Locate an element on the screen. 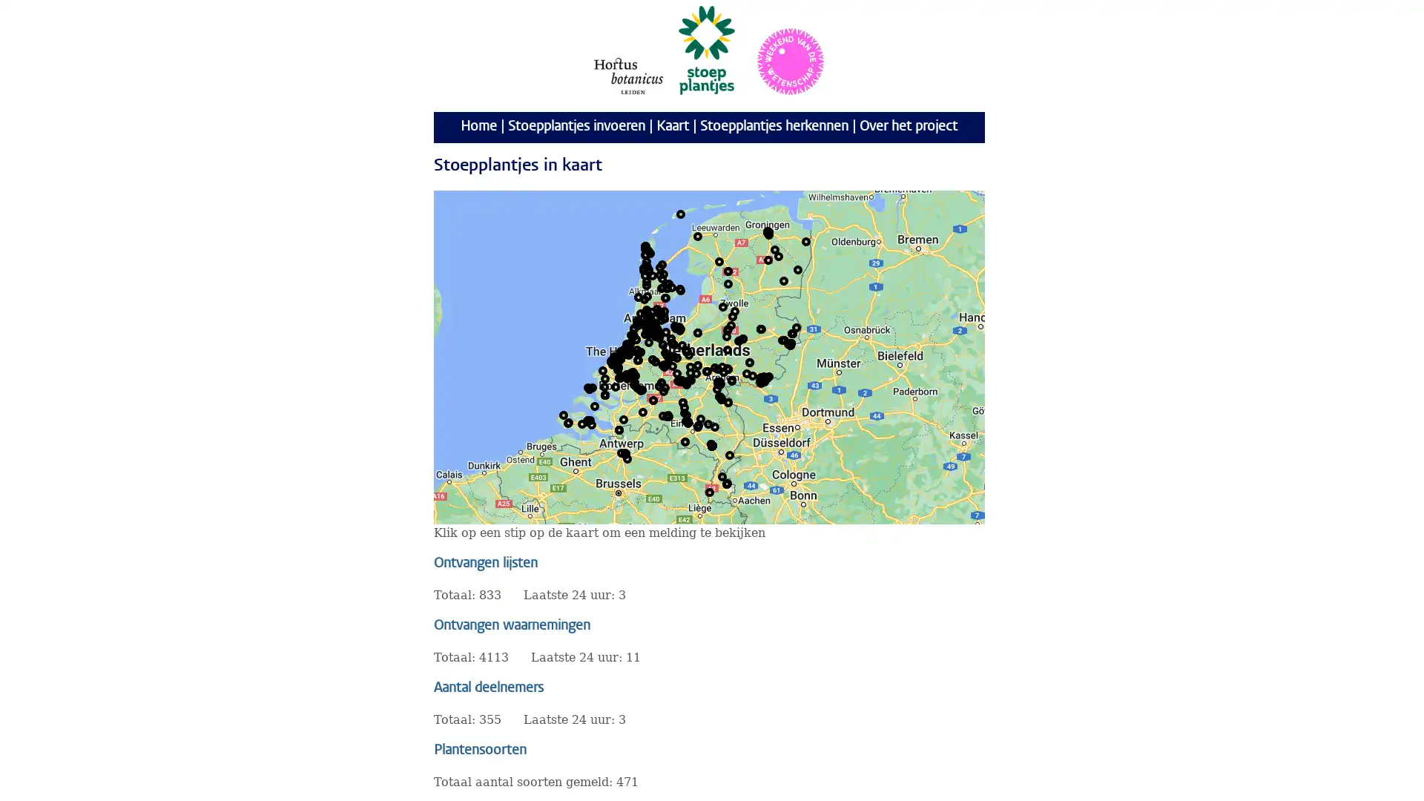  Telling van Christien Janson op 01 juni 2022 is located at coordinates (674, 325).